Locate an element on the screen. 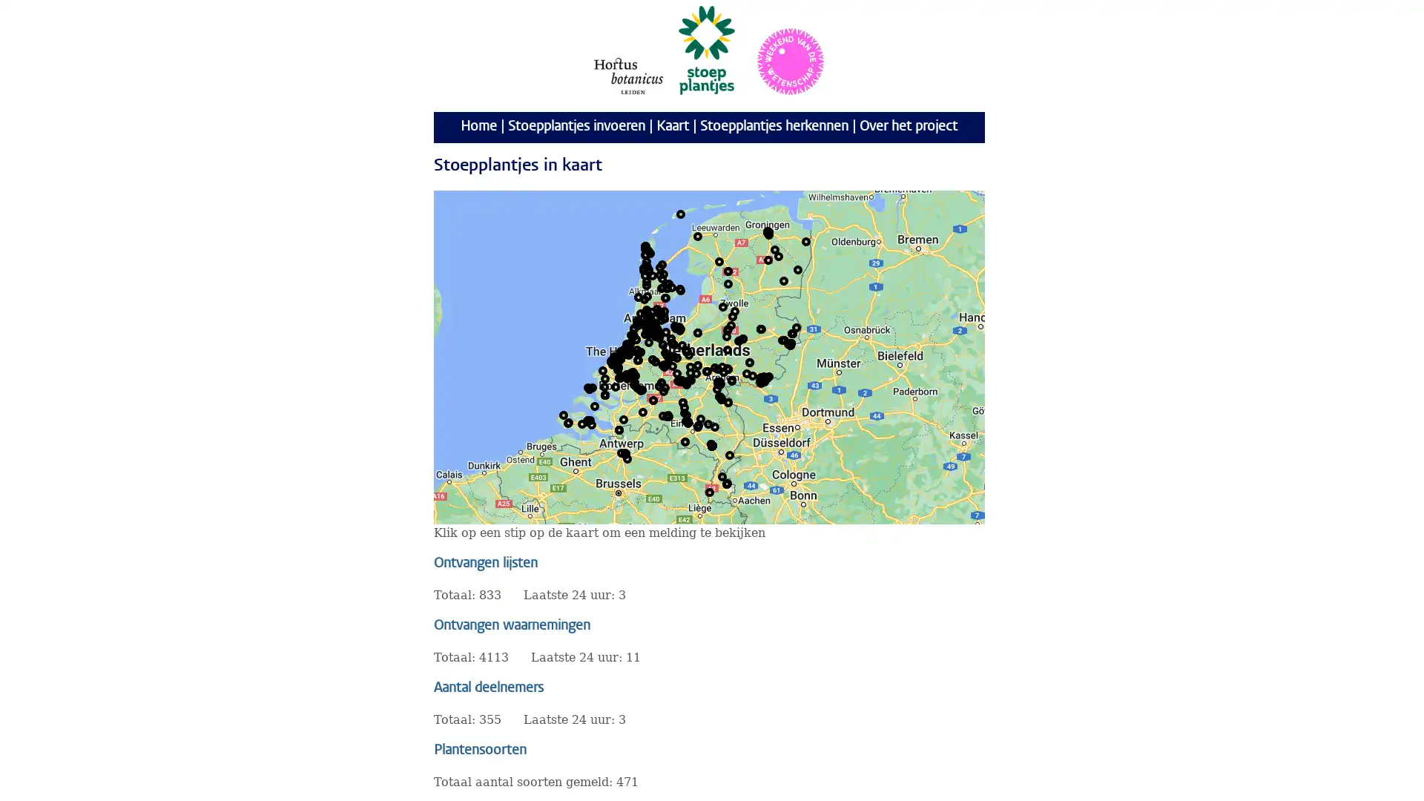  Telling van Christien Janson op 01 juni 2022 is located at coordinates (674, 325).